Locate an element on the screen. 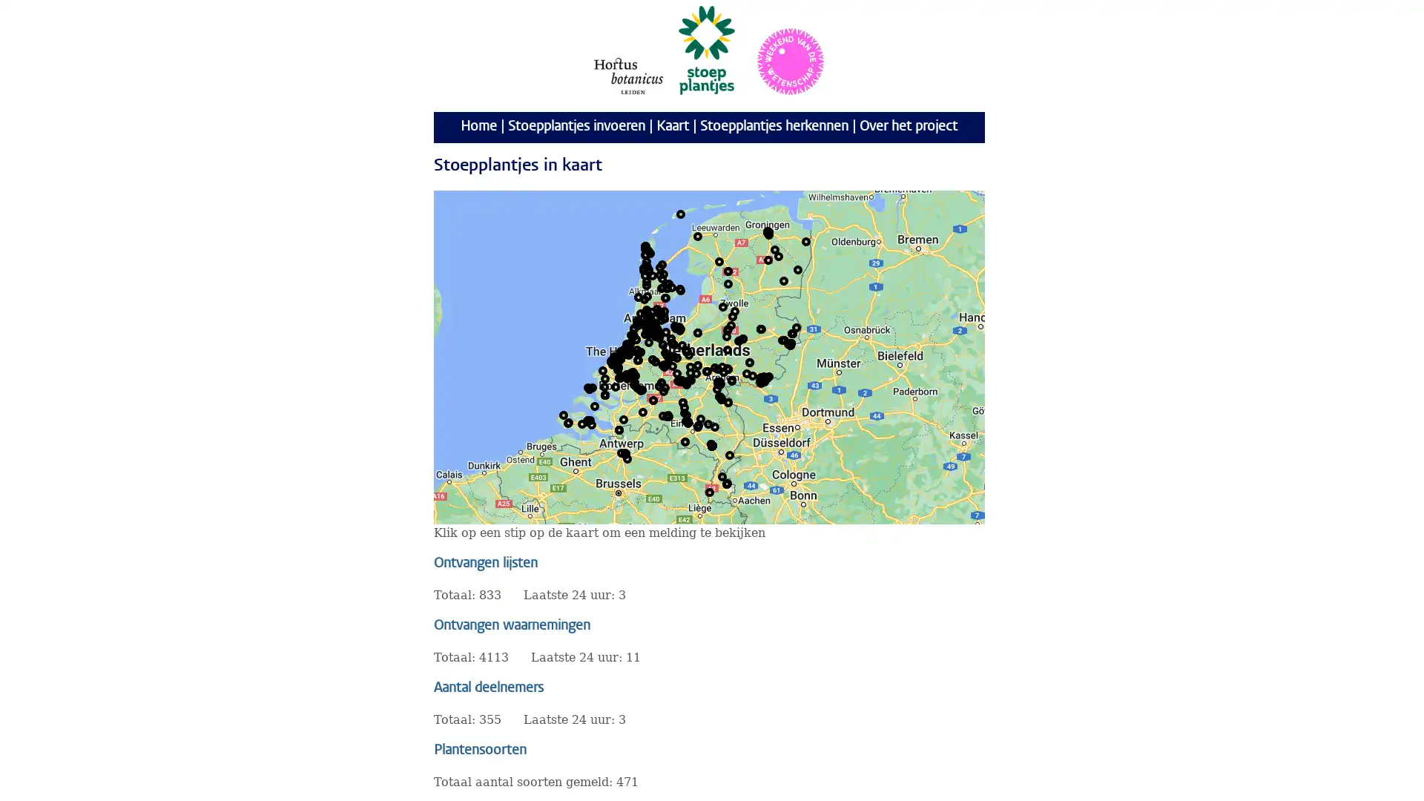  Telling van Christien Janson op 01 juni 2022 is located at coordinates (674, 325).